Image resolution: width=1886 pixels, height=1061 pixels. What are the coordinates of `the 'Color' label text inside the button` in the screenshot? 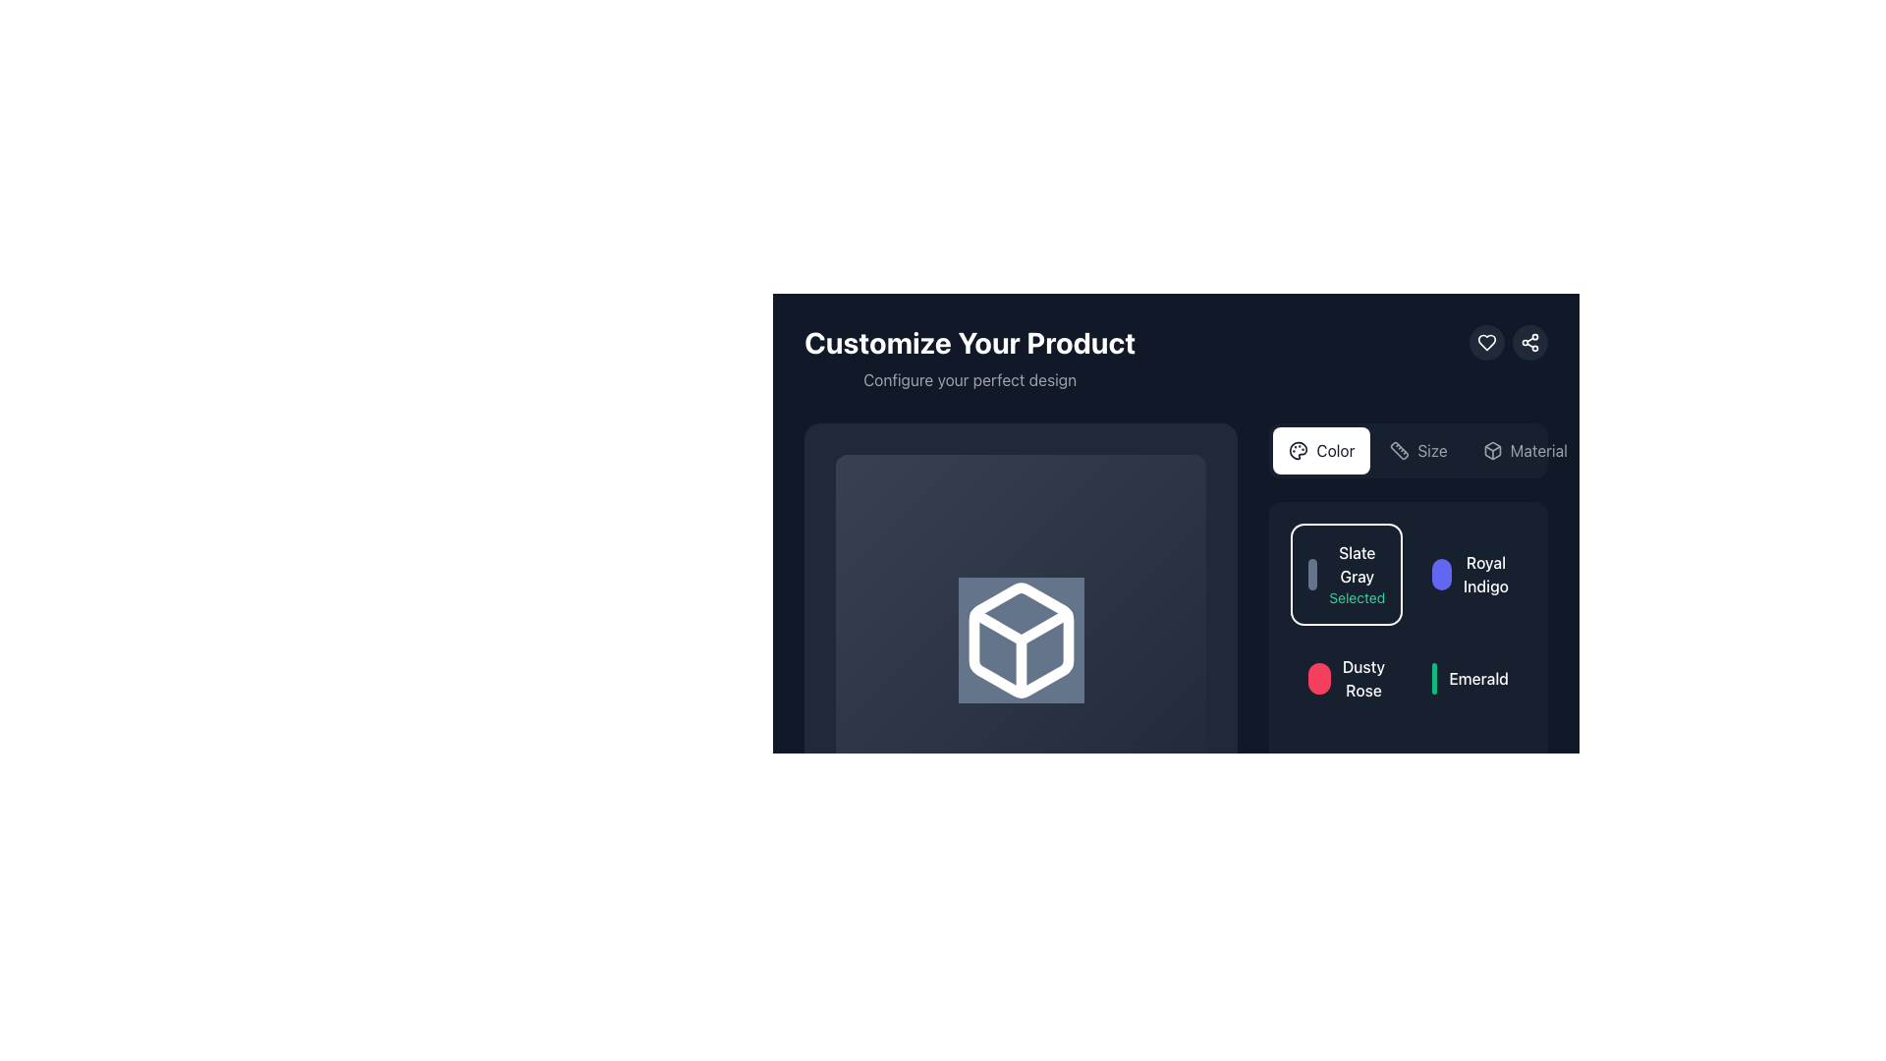 It's located at (1335, 451).